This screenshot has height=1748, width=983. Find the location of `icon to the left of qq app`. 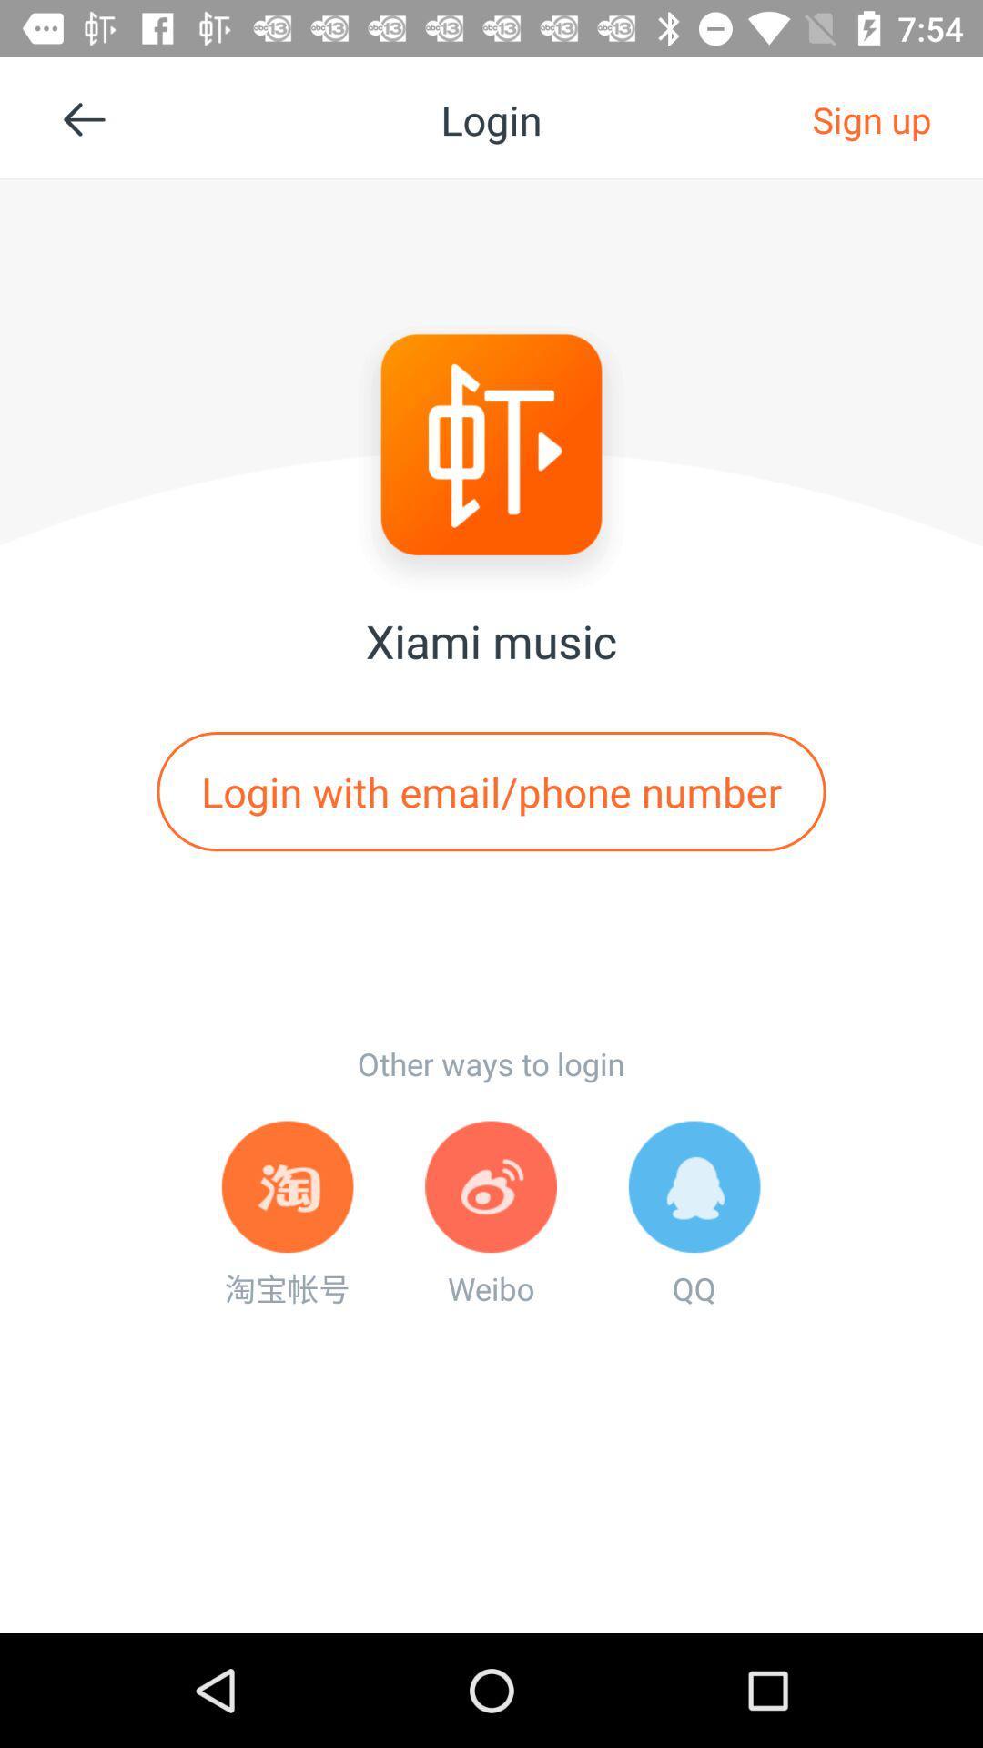

icon to the left of qq app is located at coordinates (490, 1214).